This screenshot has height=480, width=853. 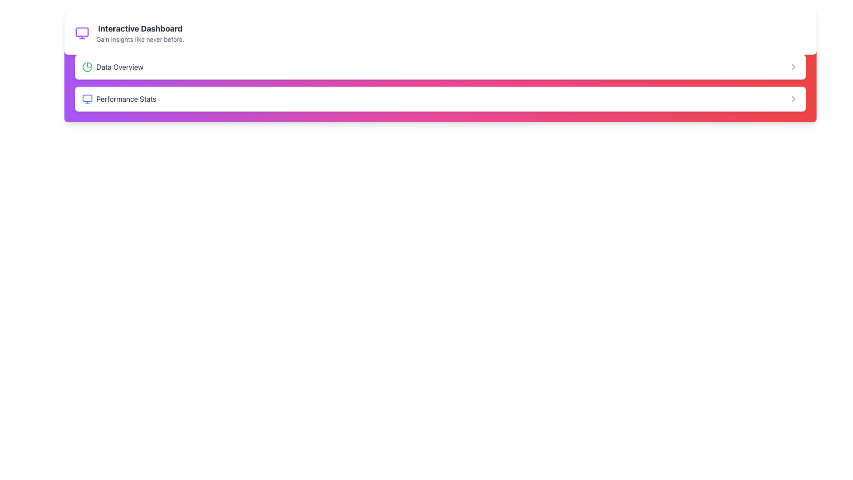 I want to click on the blue outlined monitor icon that is located to the left of the 'Performance Stats' text, so click(x=87, y=99).